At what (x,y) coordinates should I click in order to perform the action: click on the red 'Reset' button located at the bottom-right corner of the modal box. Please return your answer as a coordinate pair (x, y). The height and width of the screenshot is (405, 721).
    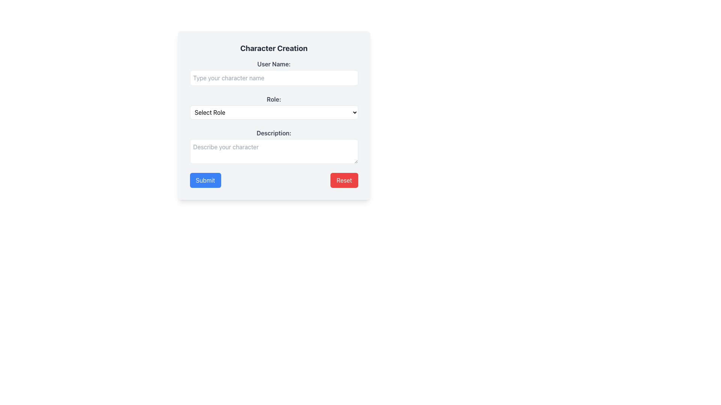
    Looking at the image, I should click on (344, 180).